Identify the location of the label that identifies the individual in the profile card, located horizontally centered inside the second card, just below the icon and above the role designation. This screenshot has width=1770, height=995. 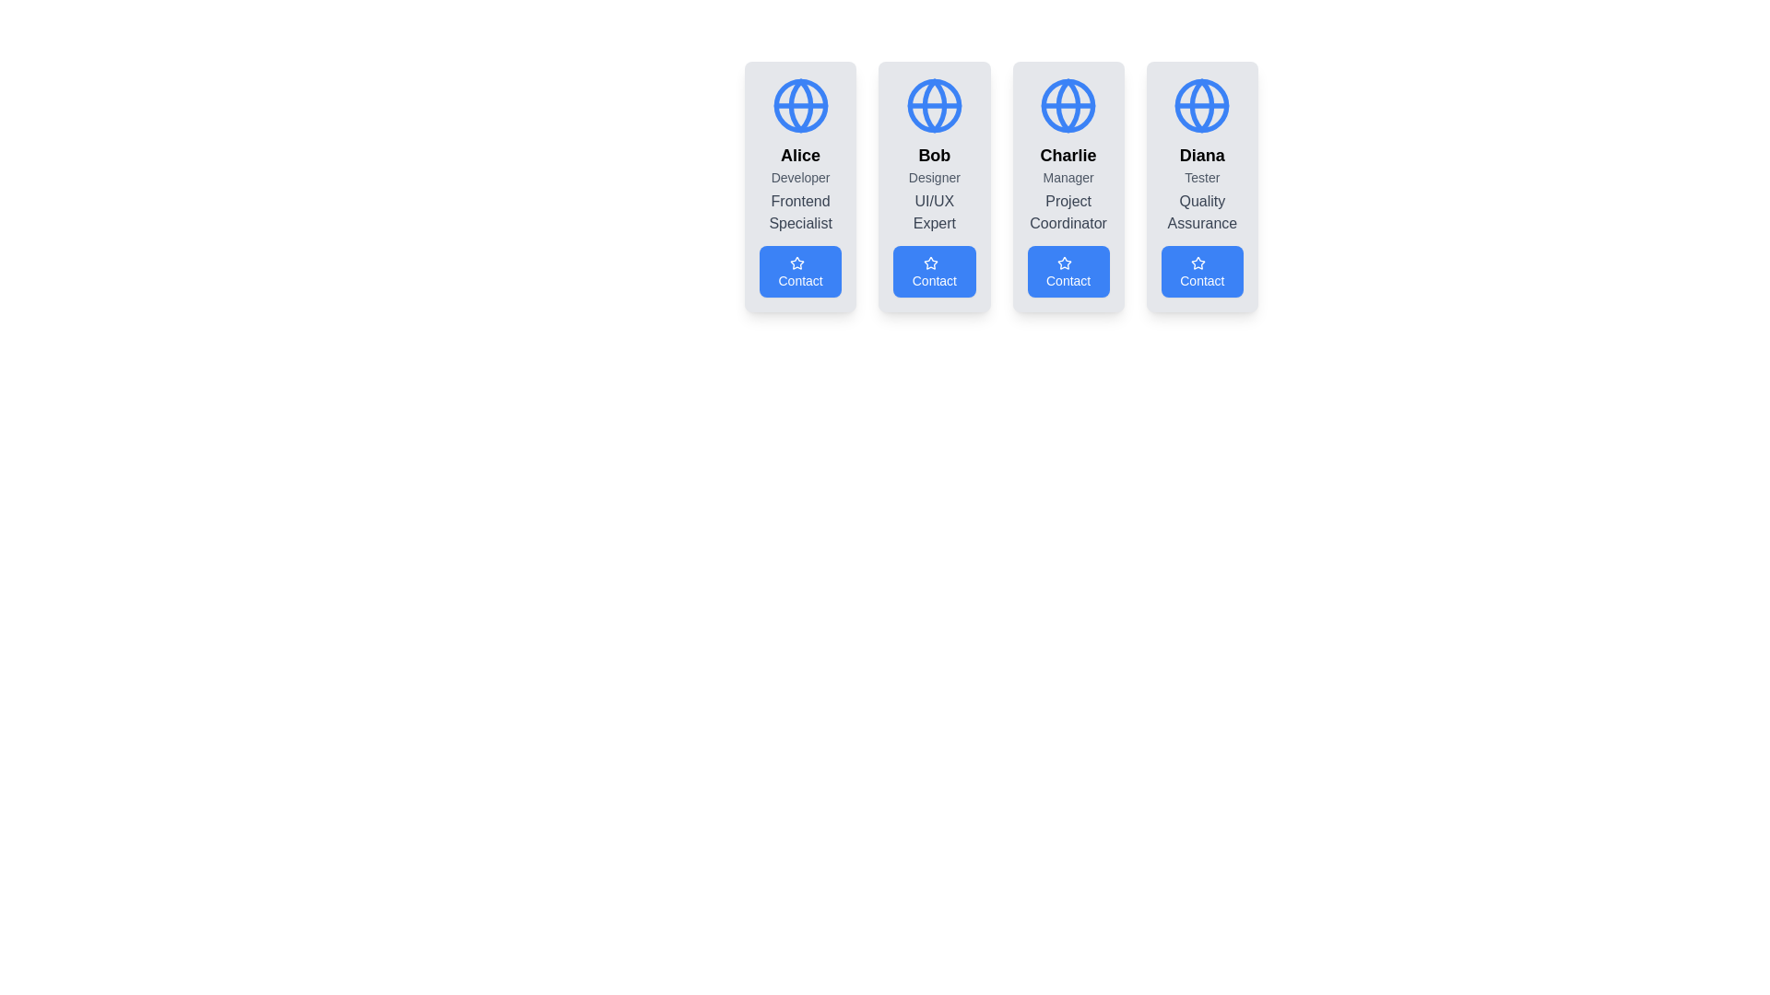
(934, 155).